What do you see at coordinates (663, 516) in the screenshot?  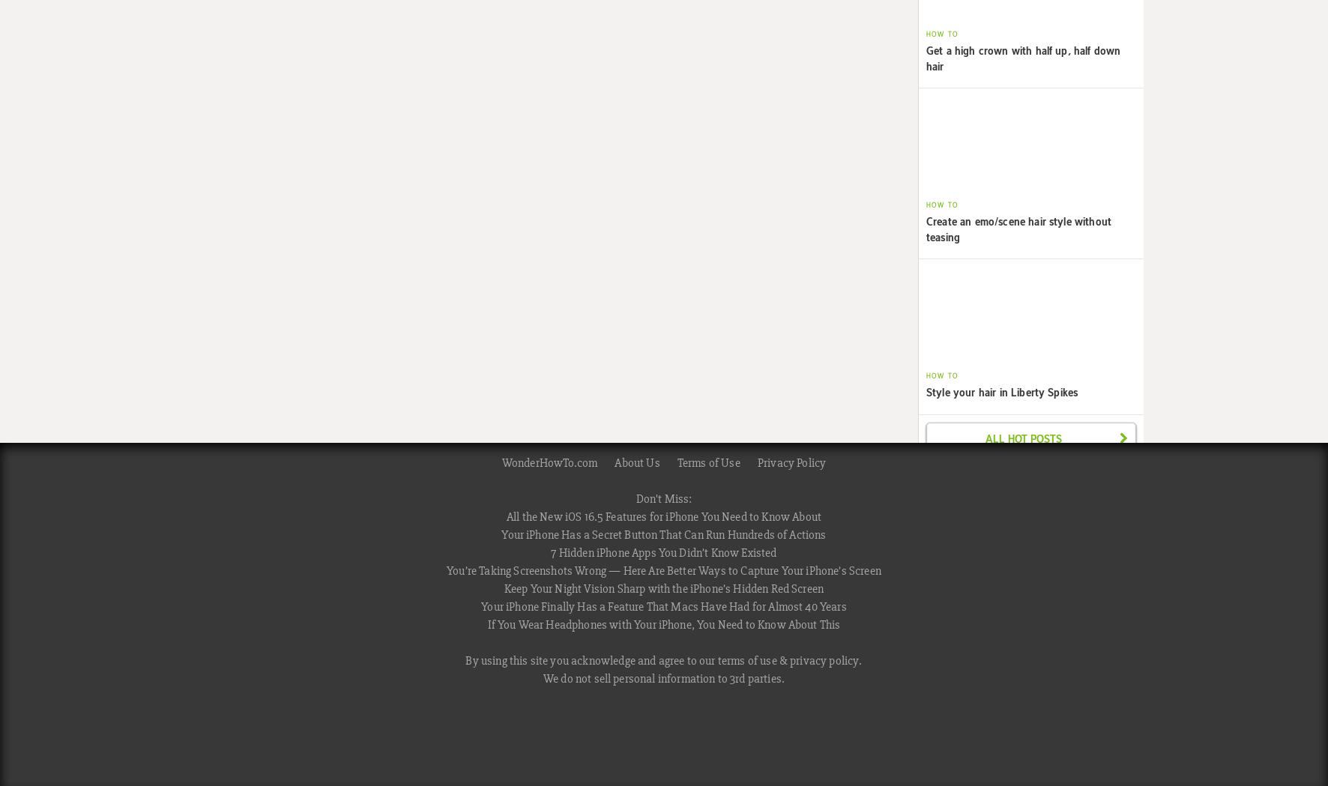 I see `'All the New iOS 16.5 Features for iPhone You Need to Know About'` at bounding box center [663, 516].